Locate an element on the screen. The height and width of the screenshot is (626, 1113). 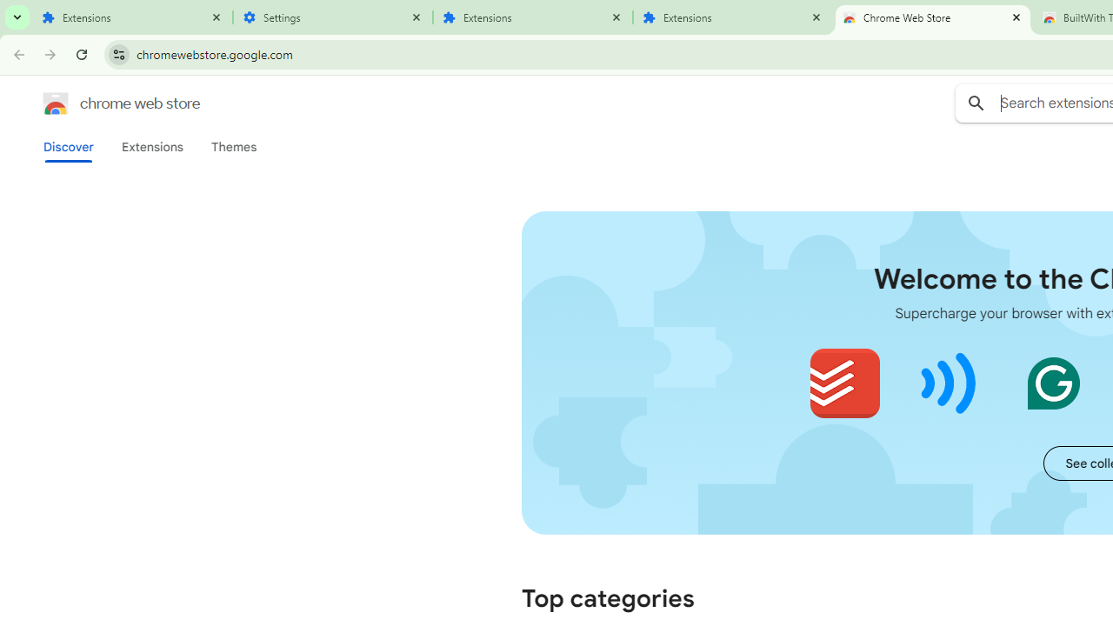
'Grammarly: AI Writing and Grammar Checker App' is located at coordinates (1052, 383).